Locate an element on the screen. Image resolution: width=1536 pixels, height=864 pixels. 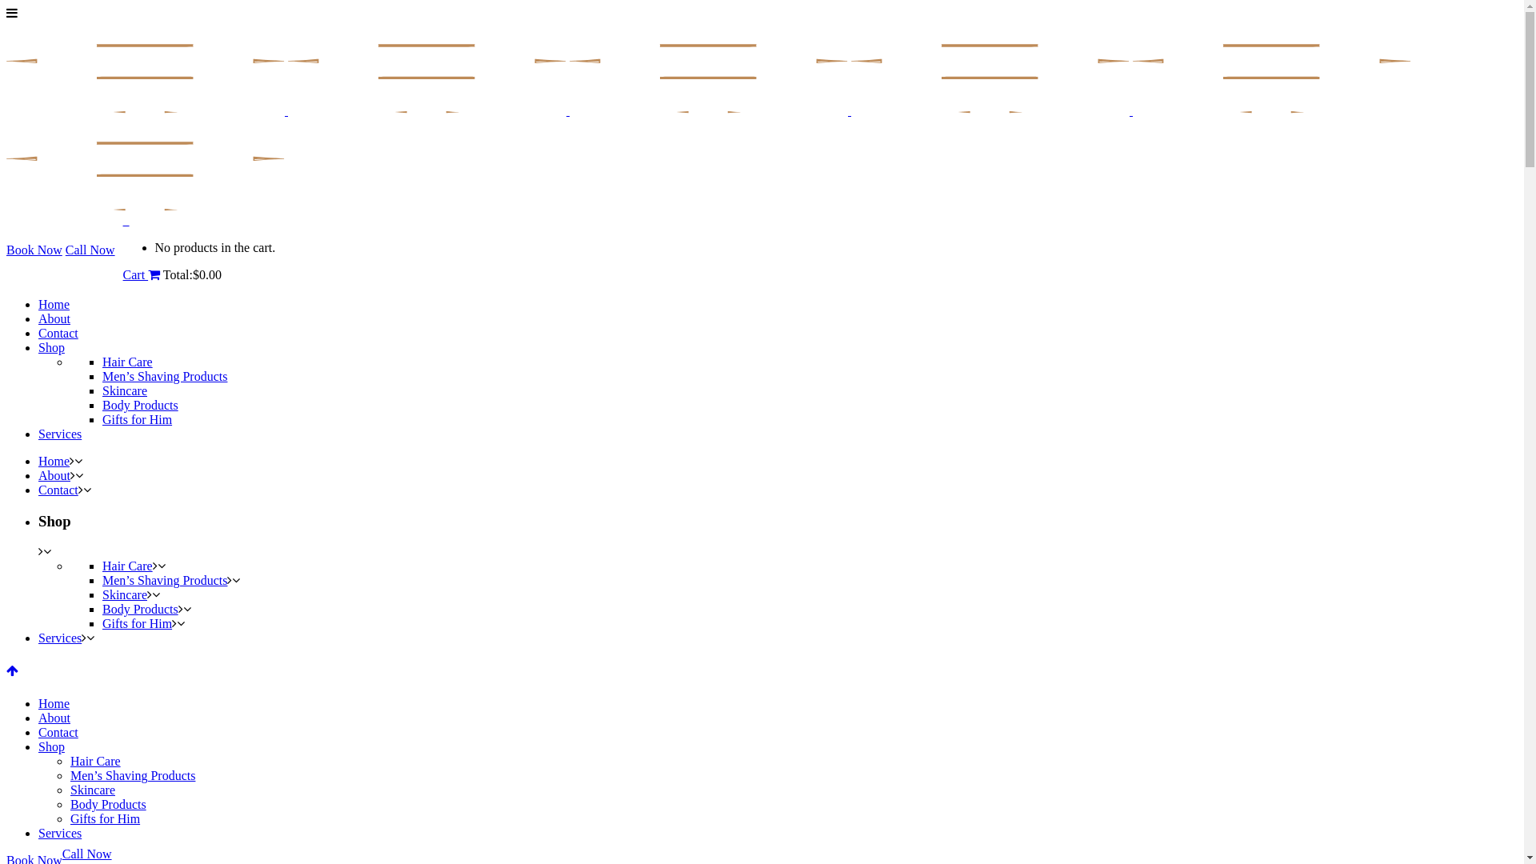
'Call Now' is located at coordinates (86, 854).